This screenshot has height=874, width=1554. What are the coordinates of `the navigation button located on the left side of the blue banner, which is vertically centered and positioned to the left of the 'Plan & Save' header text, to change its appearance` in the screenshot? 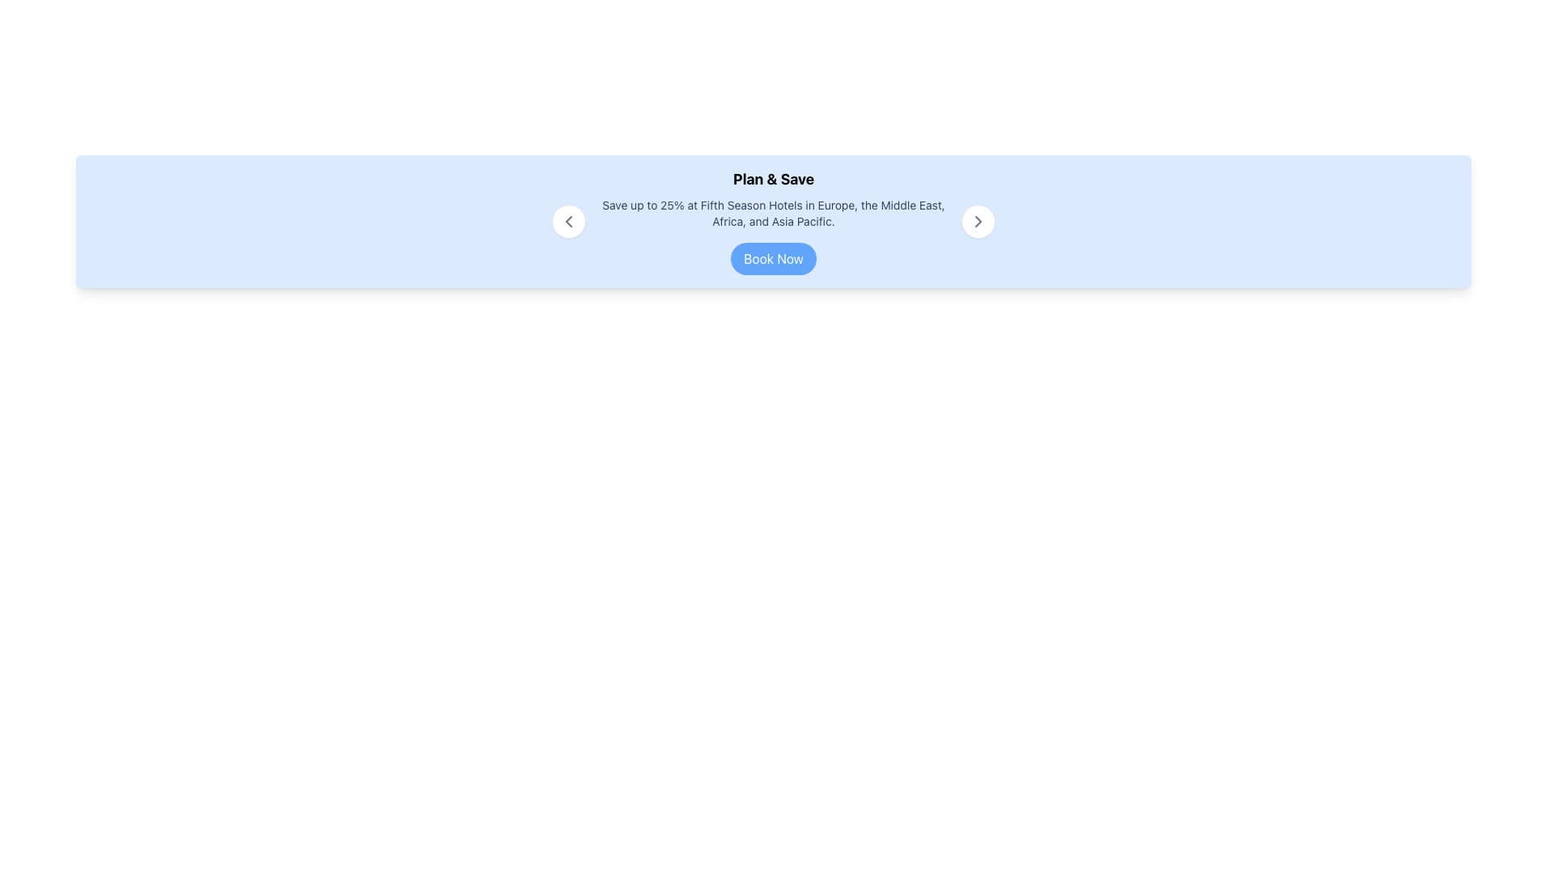 It's located at (568, 221).